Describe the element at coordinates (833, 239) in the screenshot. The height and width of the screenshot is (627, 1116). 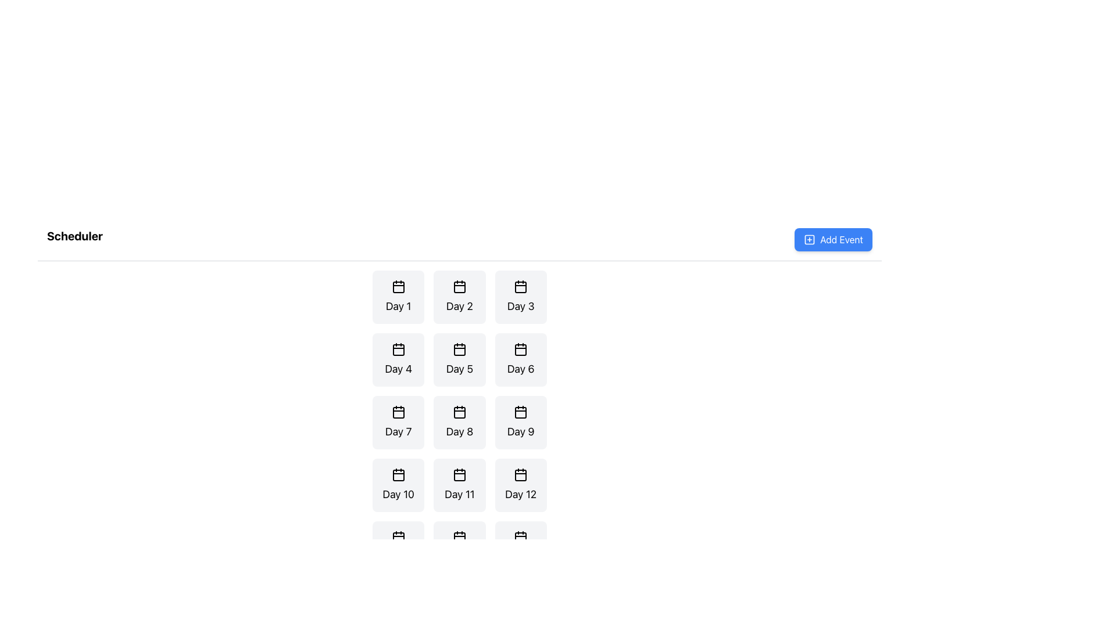
I see `the button located in the header section on the far right` at that location.